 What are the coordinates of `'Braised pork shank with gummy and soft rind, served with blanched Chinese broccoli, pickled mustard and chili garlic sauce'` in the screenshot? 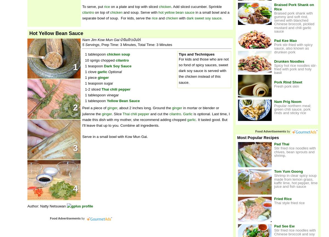 It's located at (294, 22).